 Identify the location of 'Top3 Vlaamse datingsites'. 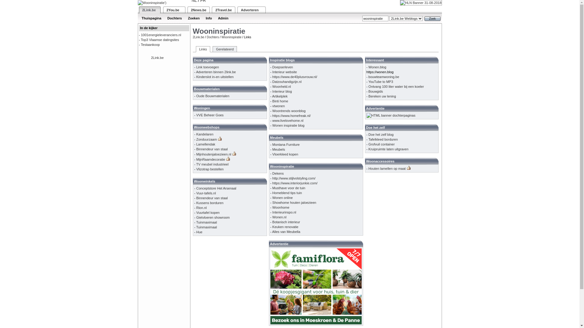
(160, 40).